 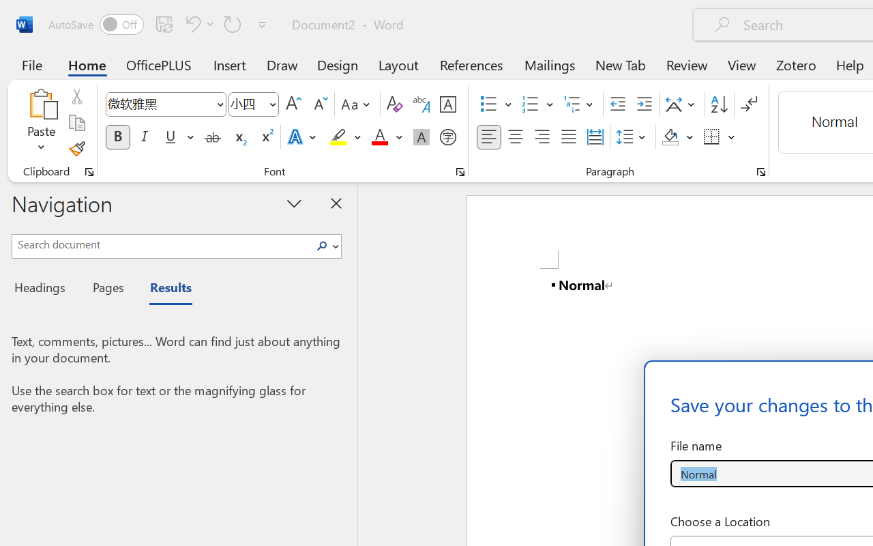 What do you see at coordinates (643, 104) in the screenshot?
I see `'Increase Indent'` at bounding box center [643, 104].